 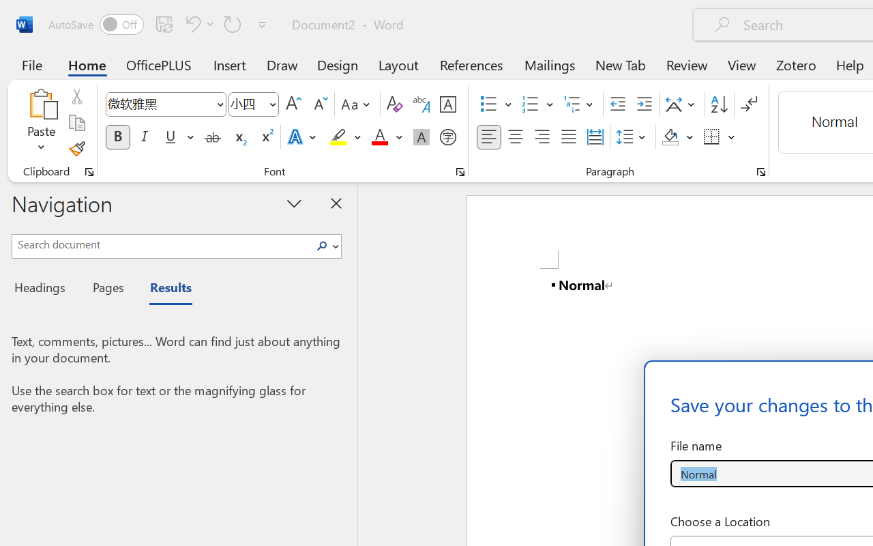 What do you see at coordinates (643, 104) in the screenshot?
I see `'Increase Indent'` at bounding box center [643, 104].